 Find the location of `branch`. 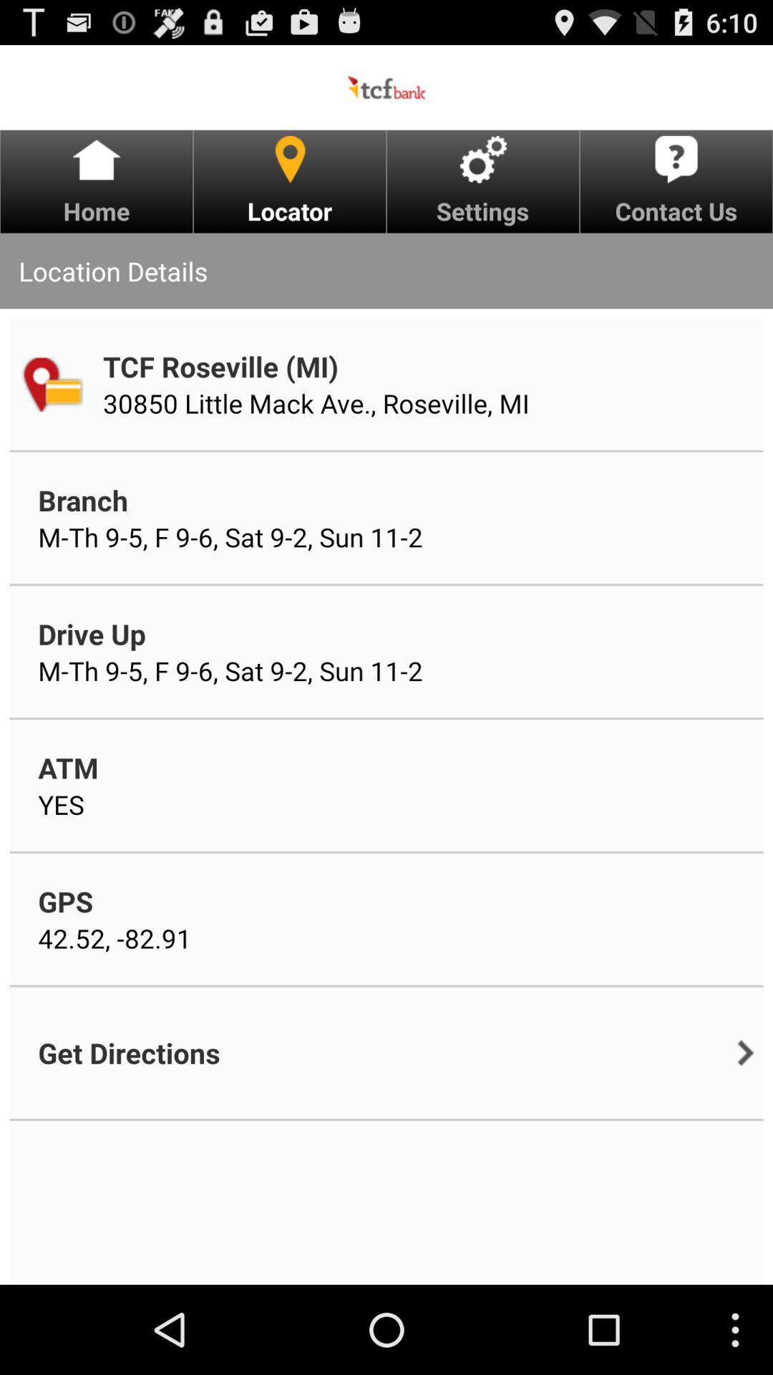

branch is located at coordinates (83, 500).